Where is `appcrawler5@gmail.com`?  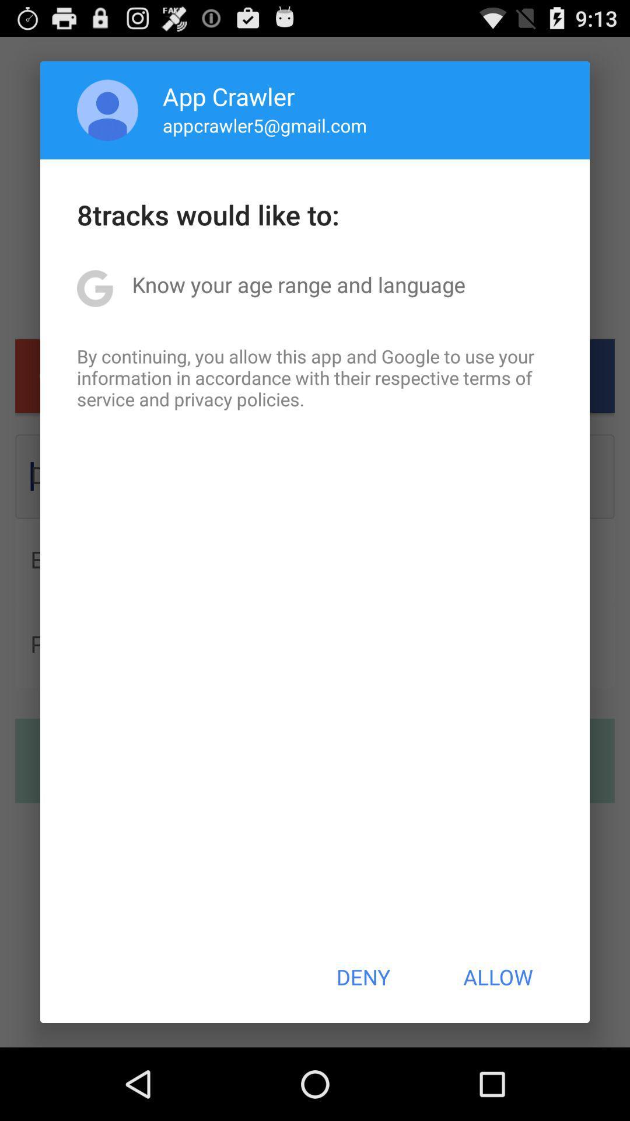
appcrawler5@gmail.com is located at coordinates (265, 125).